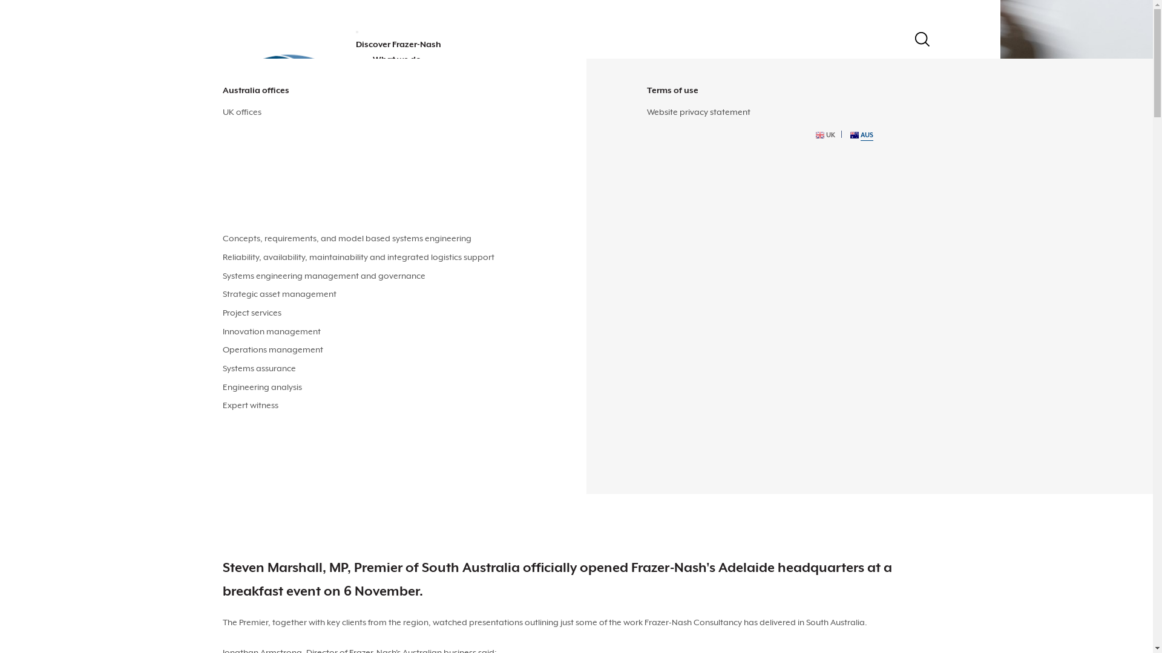 The image size is (1162, 653). What do you see at coordinates (251, 311) in the screenshot?
I see `'Project services'` at bounding box center [251, 311].